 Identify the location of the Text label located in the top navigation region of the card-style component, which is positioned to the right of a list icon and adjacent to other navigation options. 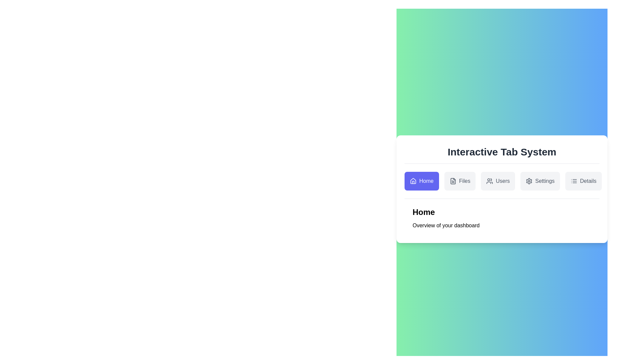
(588, 181).